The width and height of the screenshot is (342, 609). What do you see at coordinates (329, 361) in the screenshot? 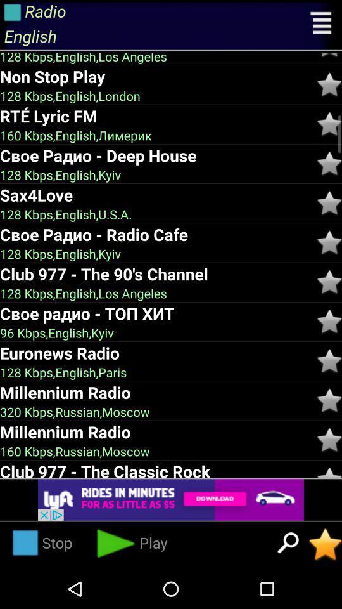
I see `to favourites` at bounding box center [329, 361].